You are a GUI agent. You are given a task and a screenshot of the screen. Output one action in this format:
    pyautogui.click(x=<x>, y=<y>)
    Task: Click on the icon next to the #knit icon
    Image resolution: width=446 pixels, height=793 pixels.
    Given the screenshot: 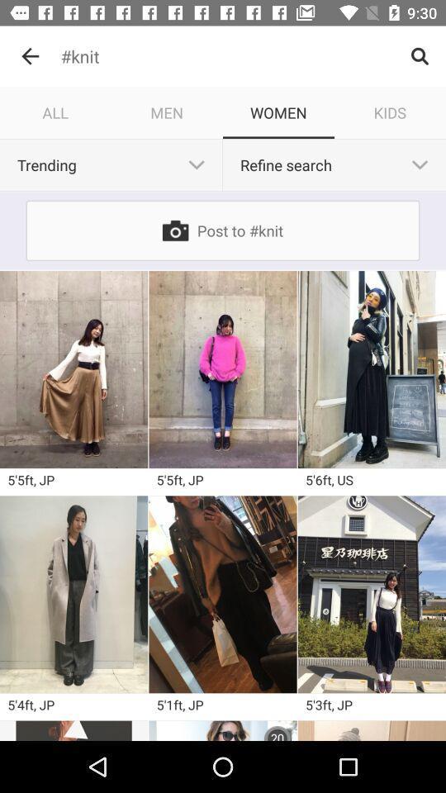 What is the action you would take?
    pyautogui.click(x=30, y=56)
    